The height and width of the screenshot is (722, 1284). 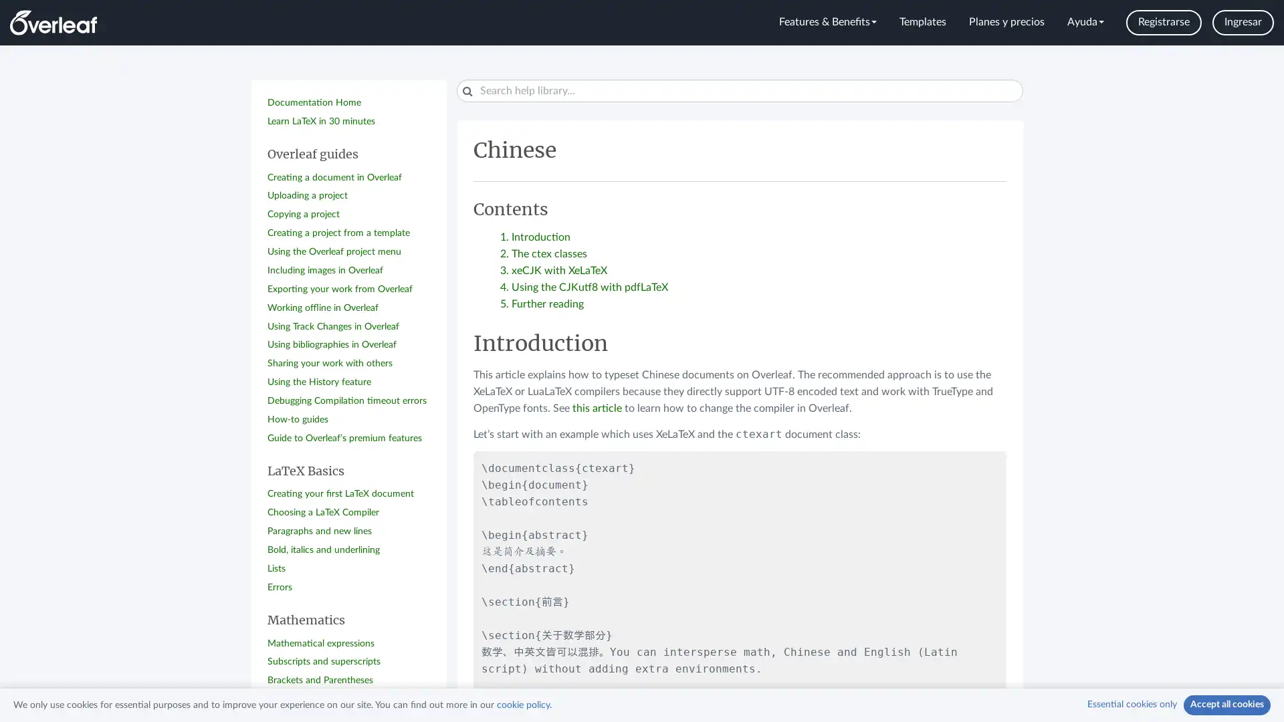 I want to click on Essential cookies only, so click(x=1132, y=705).